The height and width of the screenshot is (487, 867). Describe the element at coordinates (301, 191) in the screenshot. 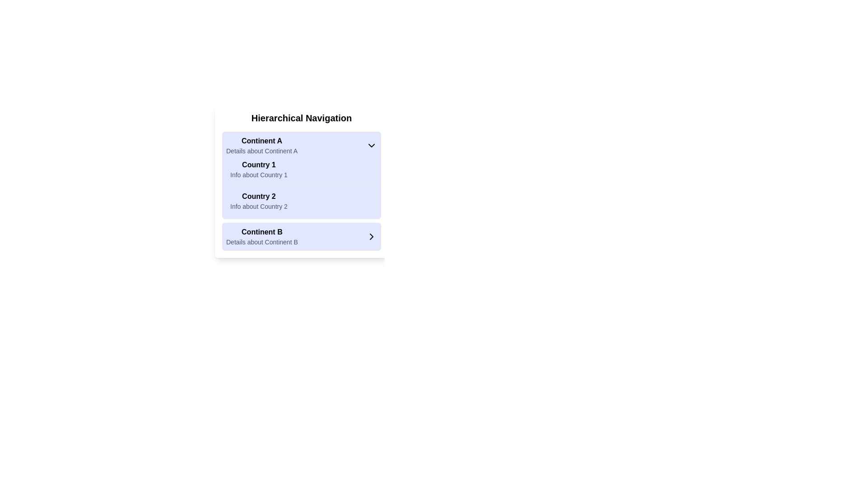

I see `the hierarchical navigation list element showcasing 'Continent A' and 'Continent B' with nested items to interact` at that location.